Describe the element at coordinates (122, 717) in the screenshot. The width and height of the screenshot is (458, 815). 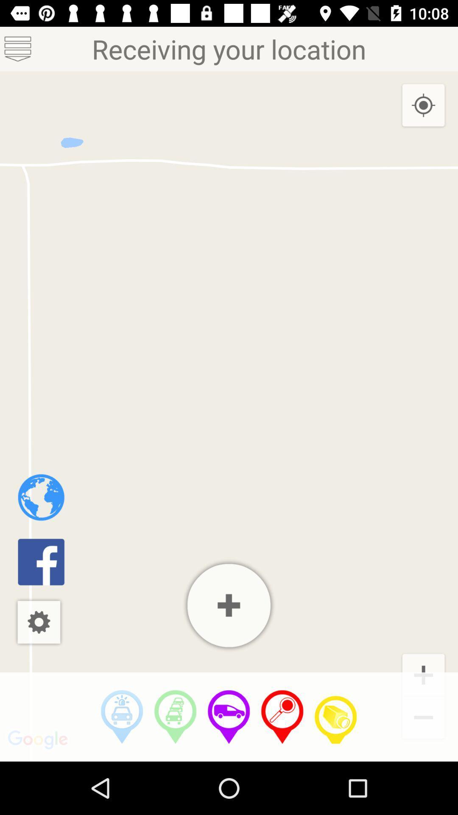
I see `distance by car` at that location.